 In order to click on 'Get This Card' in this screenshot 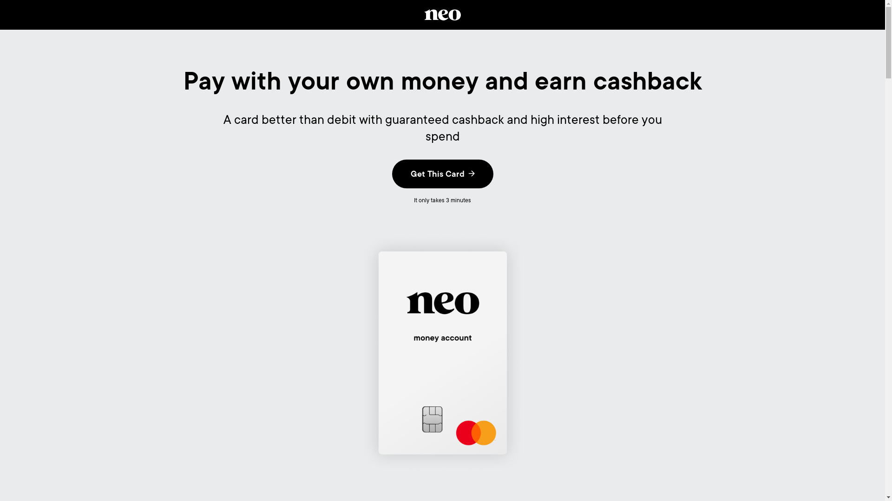, I will do `click(392, 173)`.